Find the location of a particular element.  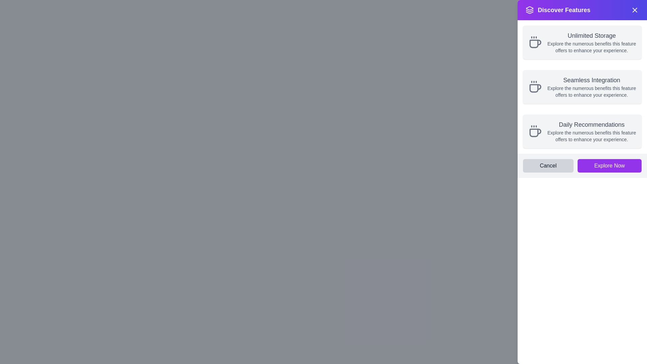

the static text element providing supplementary information about the 'Daily Recommendations' feature, located directly below the 'Daily Recommendations' heading in the third feature card from the top in the right-aligned feature panel is located at coordinates (591, 136).